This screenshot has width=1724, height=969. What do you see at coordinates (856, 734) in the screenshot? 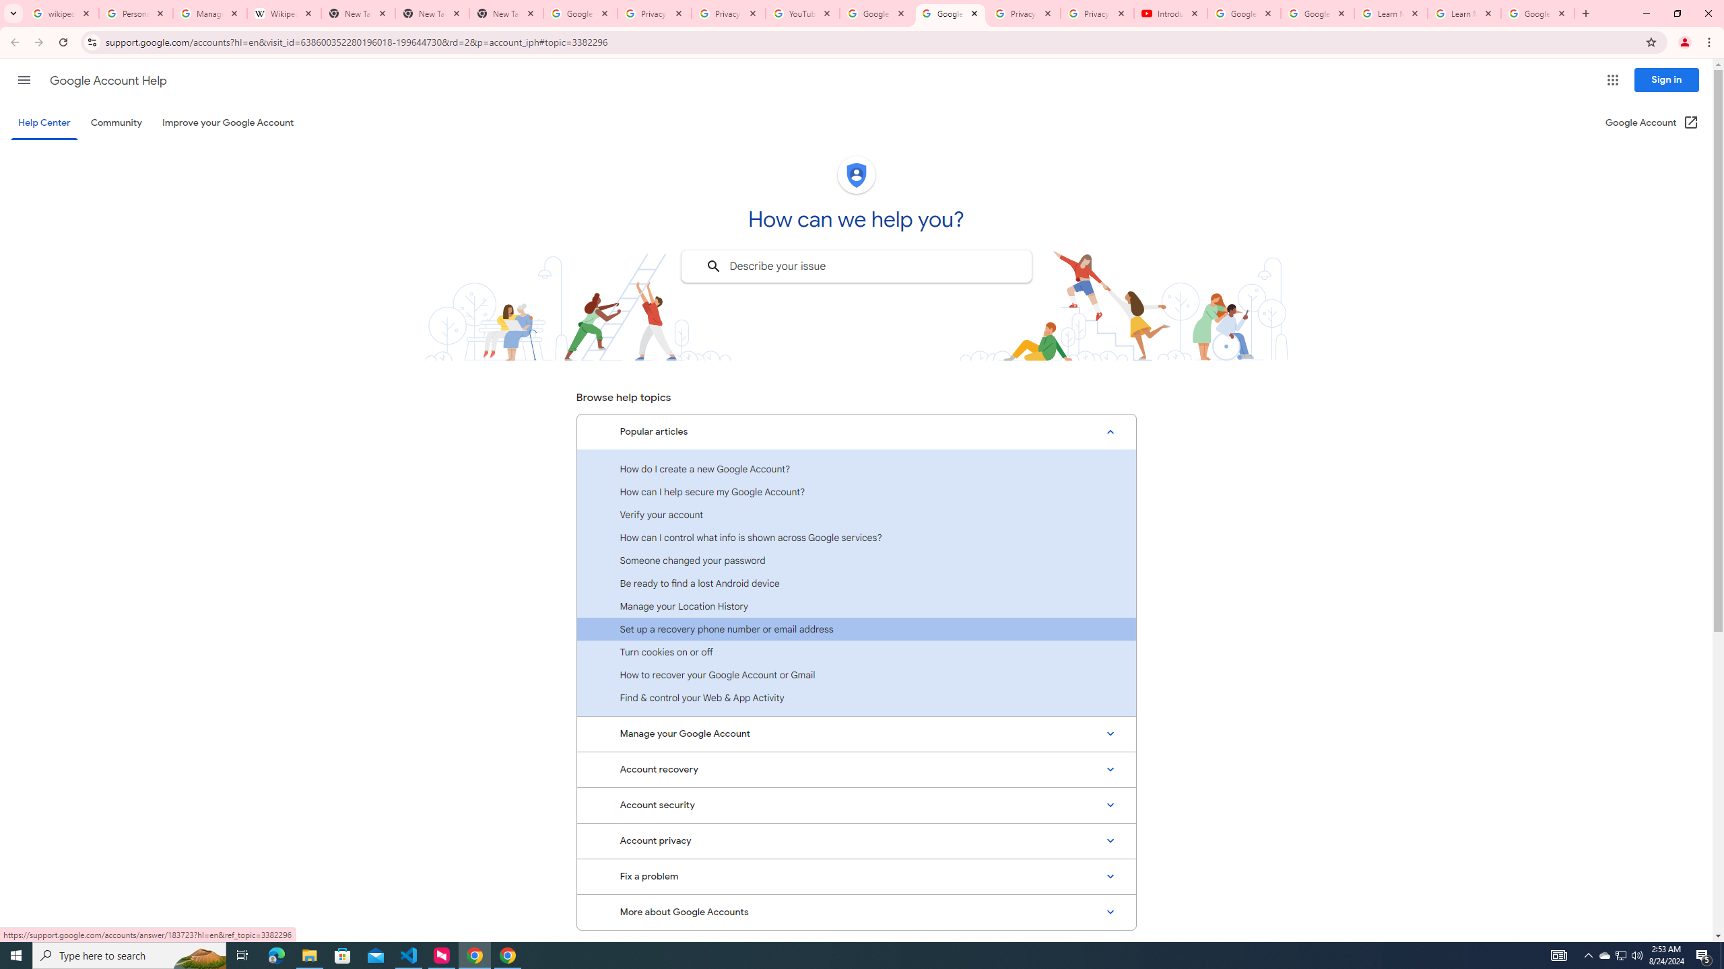
I see `'Manage your Google Account'` at bounding box center [856, 734].